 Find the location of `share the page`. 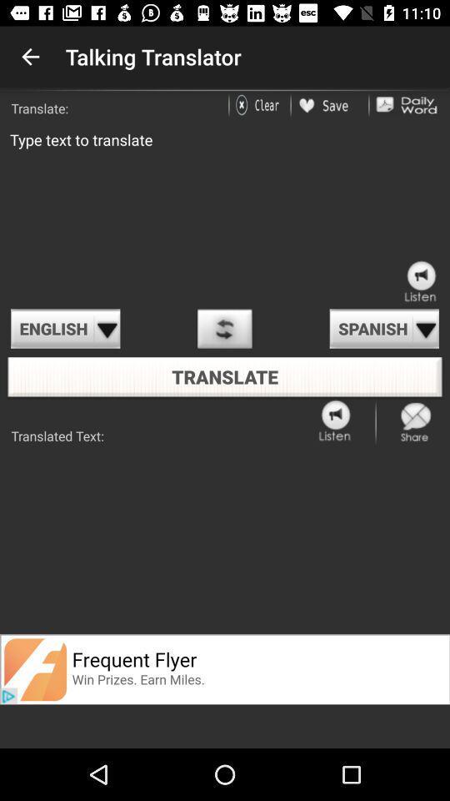

share the page is located at coordinates (415, 421).